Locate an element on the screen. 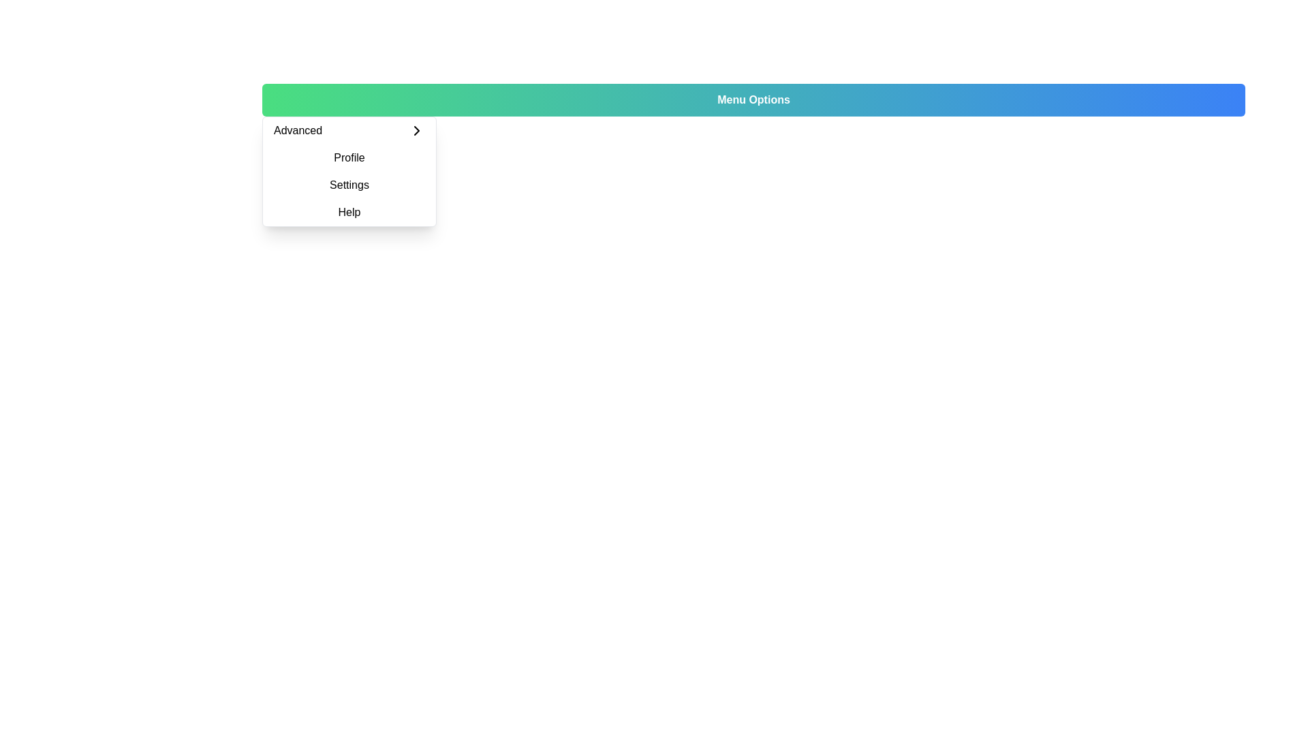 This screenshot has height=736, width=1308. the 'Settings' menu item, which is the third option in the dropdown menu is located at coordinates (349, 185).